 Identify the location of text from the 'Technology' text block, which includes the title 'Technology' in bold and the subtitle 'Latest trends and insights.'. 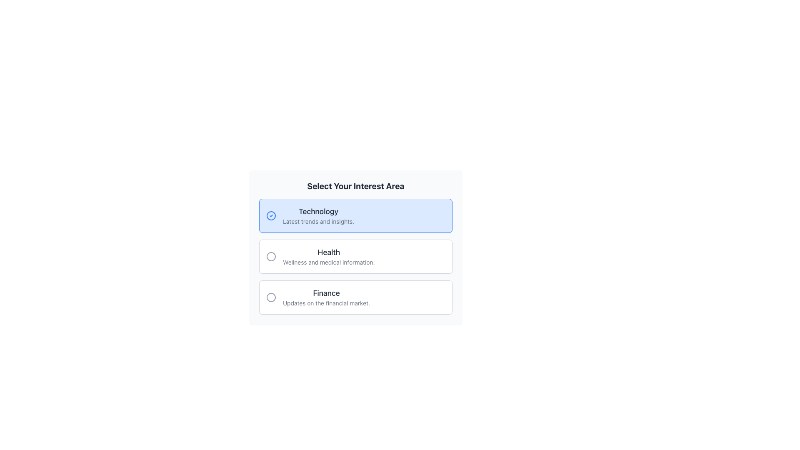
(318, 215).